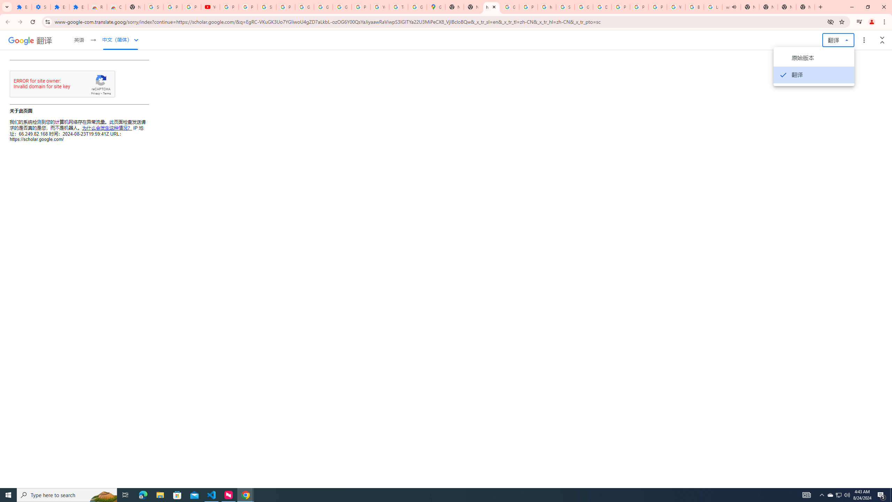 This screenshot has height=502, width=892. Describe the element at coordinates (116, 7) in the screenshot. I see `'Chrome Web Store - Themes'` at that location.